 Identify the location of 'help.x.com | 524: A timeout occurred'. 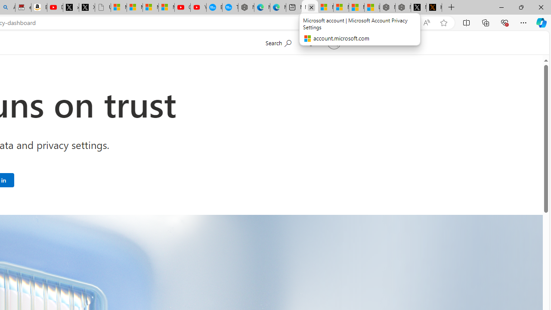
(434, 7).